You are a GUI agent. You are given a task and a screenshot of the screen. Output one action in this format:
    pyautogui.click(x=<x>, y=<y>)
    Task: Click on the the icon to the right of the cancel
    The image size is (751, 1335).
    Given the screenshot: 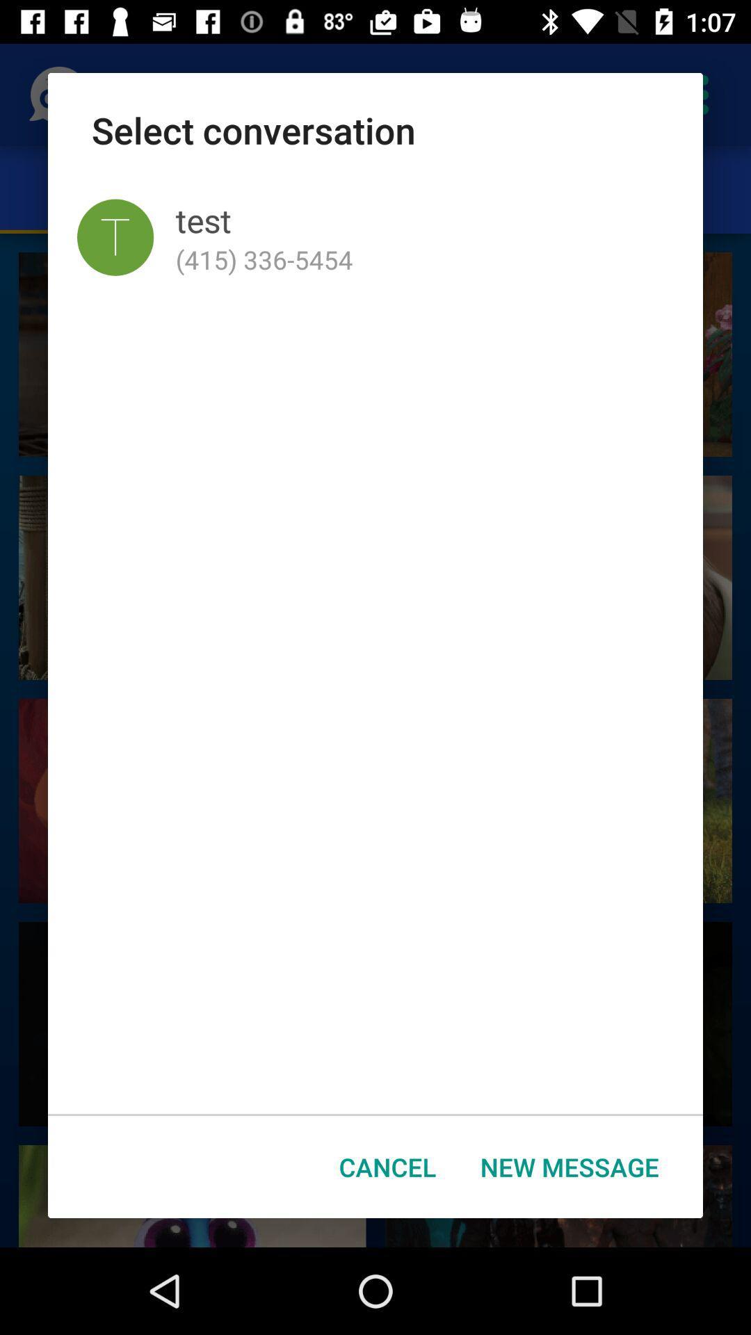 What is the action you would take?
    pyautogui.click(x=570, y=1167)
    